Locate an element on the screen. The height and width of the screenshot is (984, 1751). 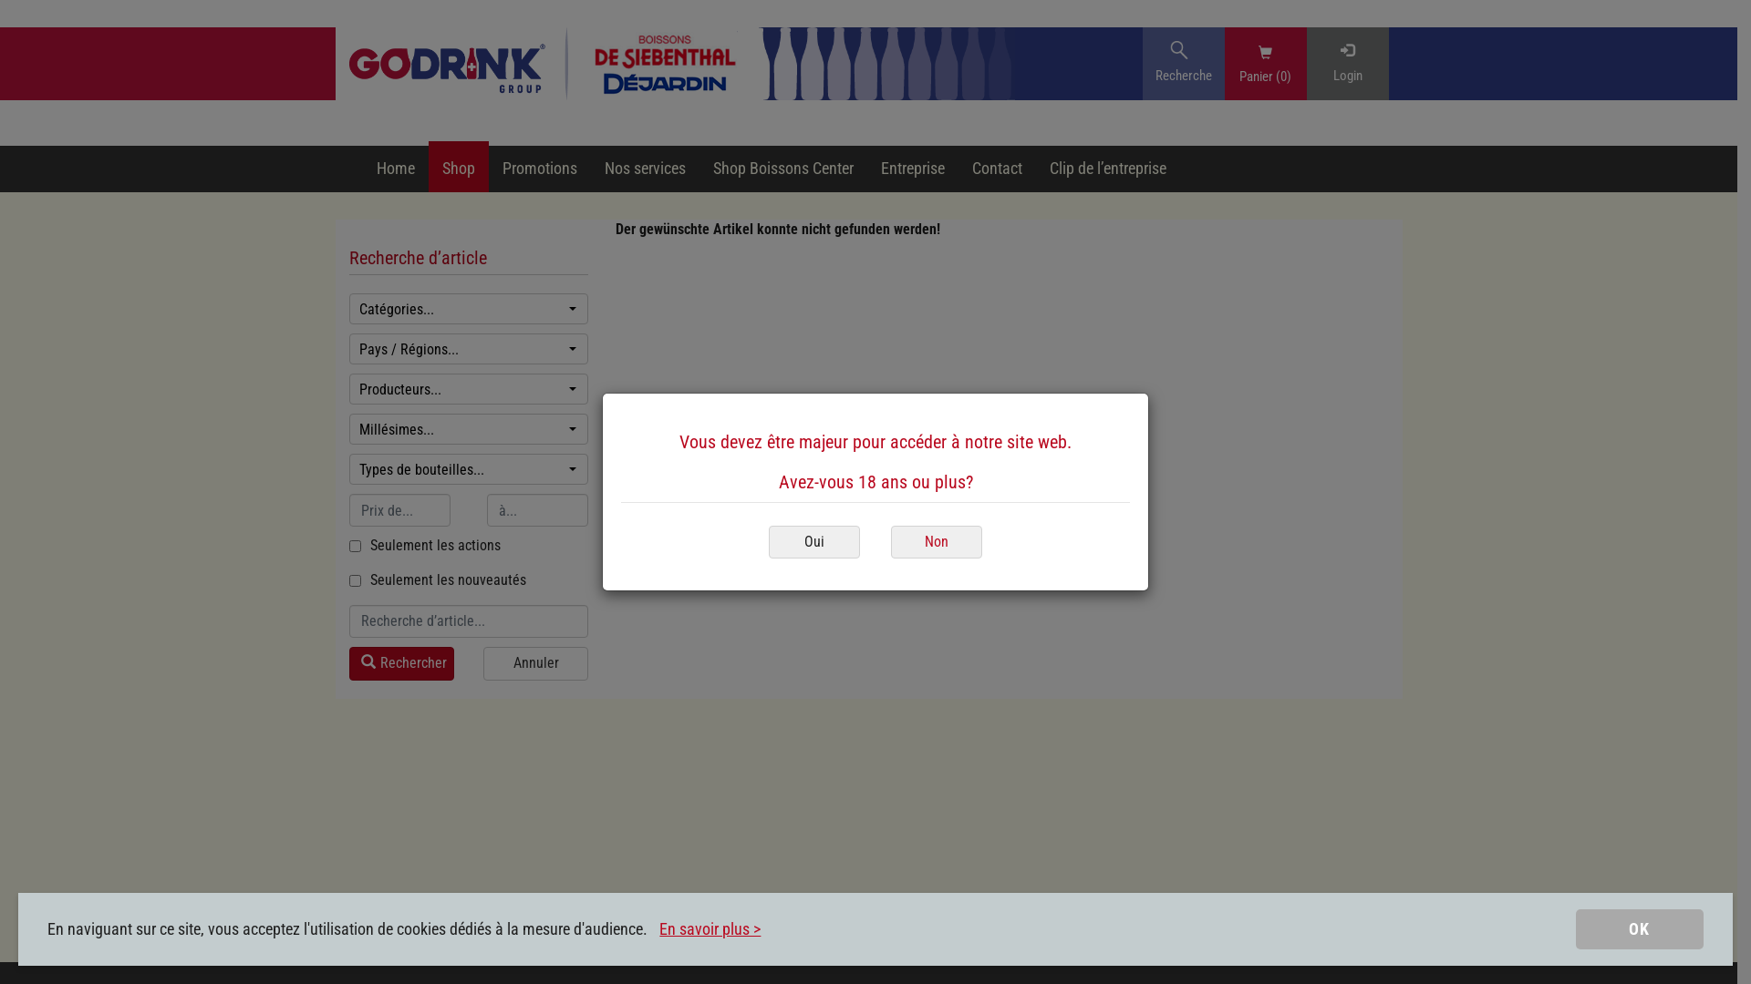
'Home' is located at coordinates (394, 169).